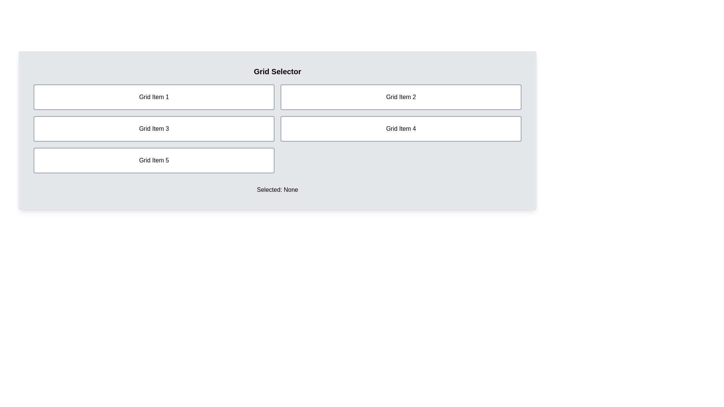 The height and width of the screenshot is (407, 724). What do you see at coordinates (277, 190) in the screenshot?
I see `the Text Display that shows 'Selected: None', located beneath the grid of selectable items and aligned with the grid's horizontal center` at bounding box center [277, 190].